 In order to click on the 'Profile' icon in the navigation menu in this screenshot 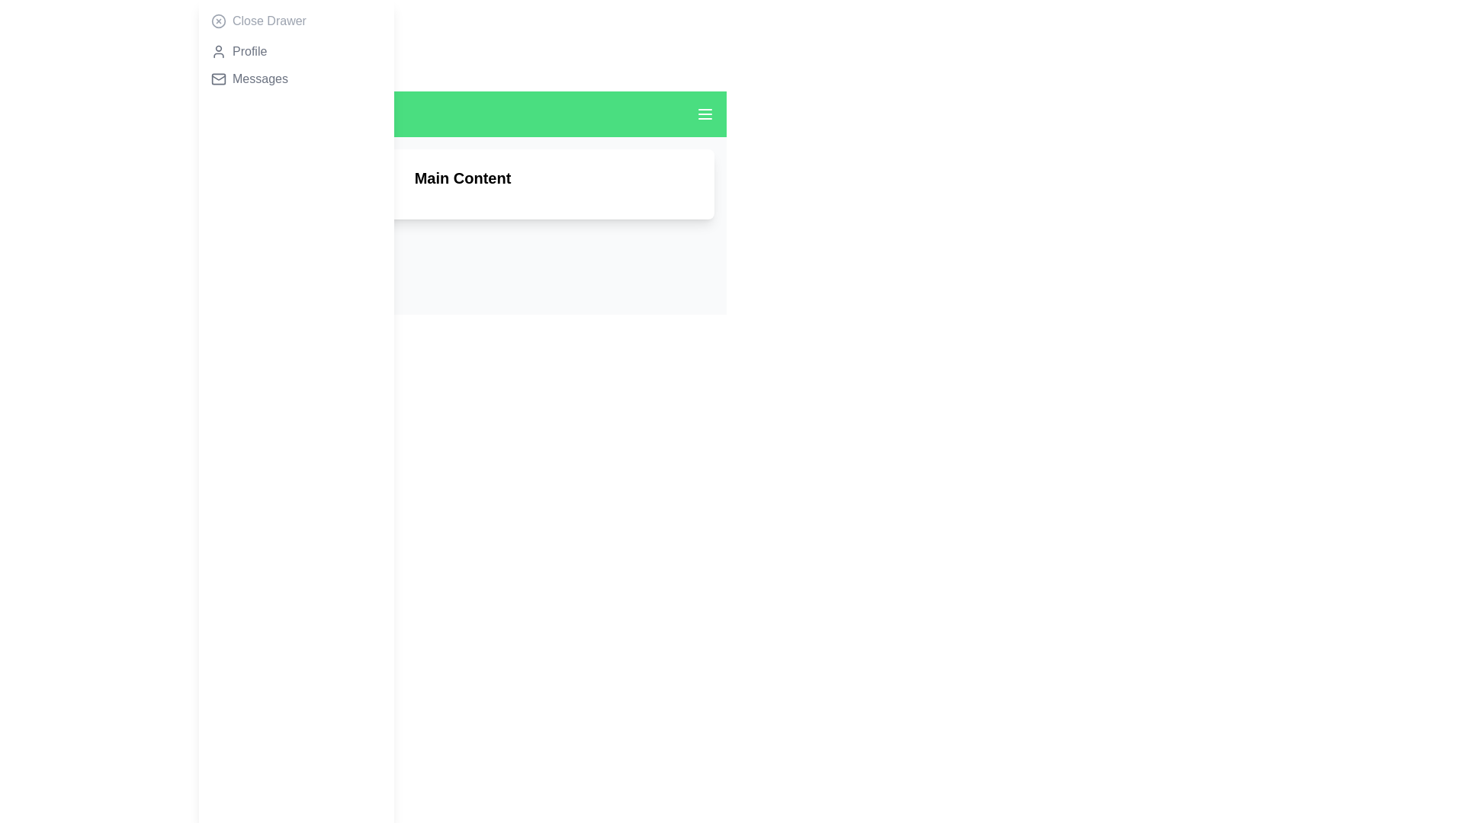, I will do `click(218, 51)`.